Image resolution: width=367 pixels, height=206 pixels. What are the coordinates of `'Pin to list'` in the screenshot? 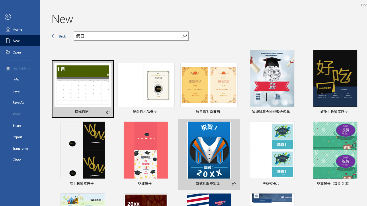 It's located at (360, 184).